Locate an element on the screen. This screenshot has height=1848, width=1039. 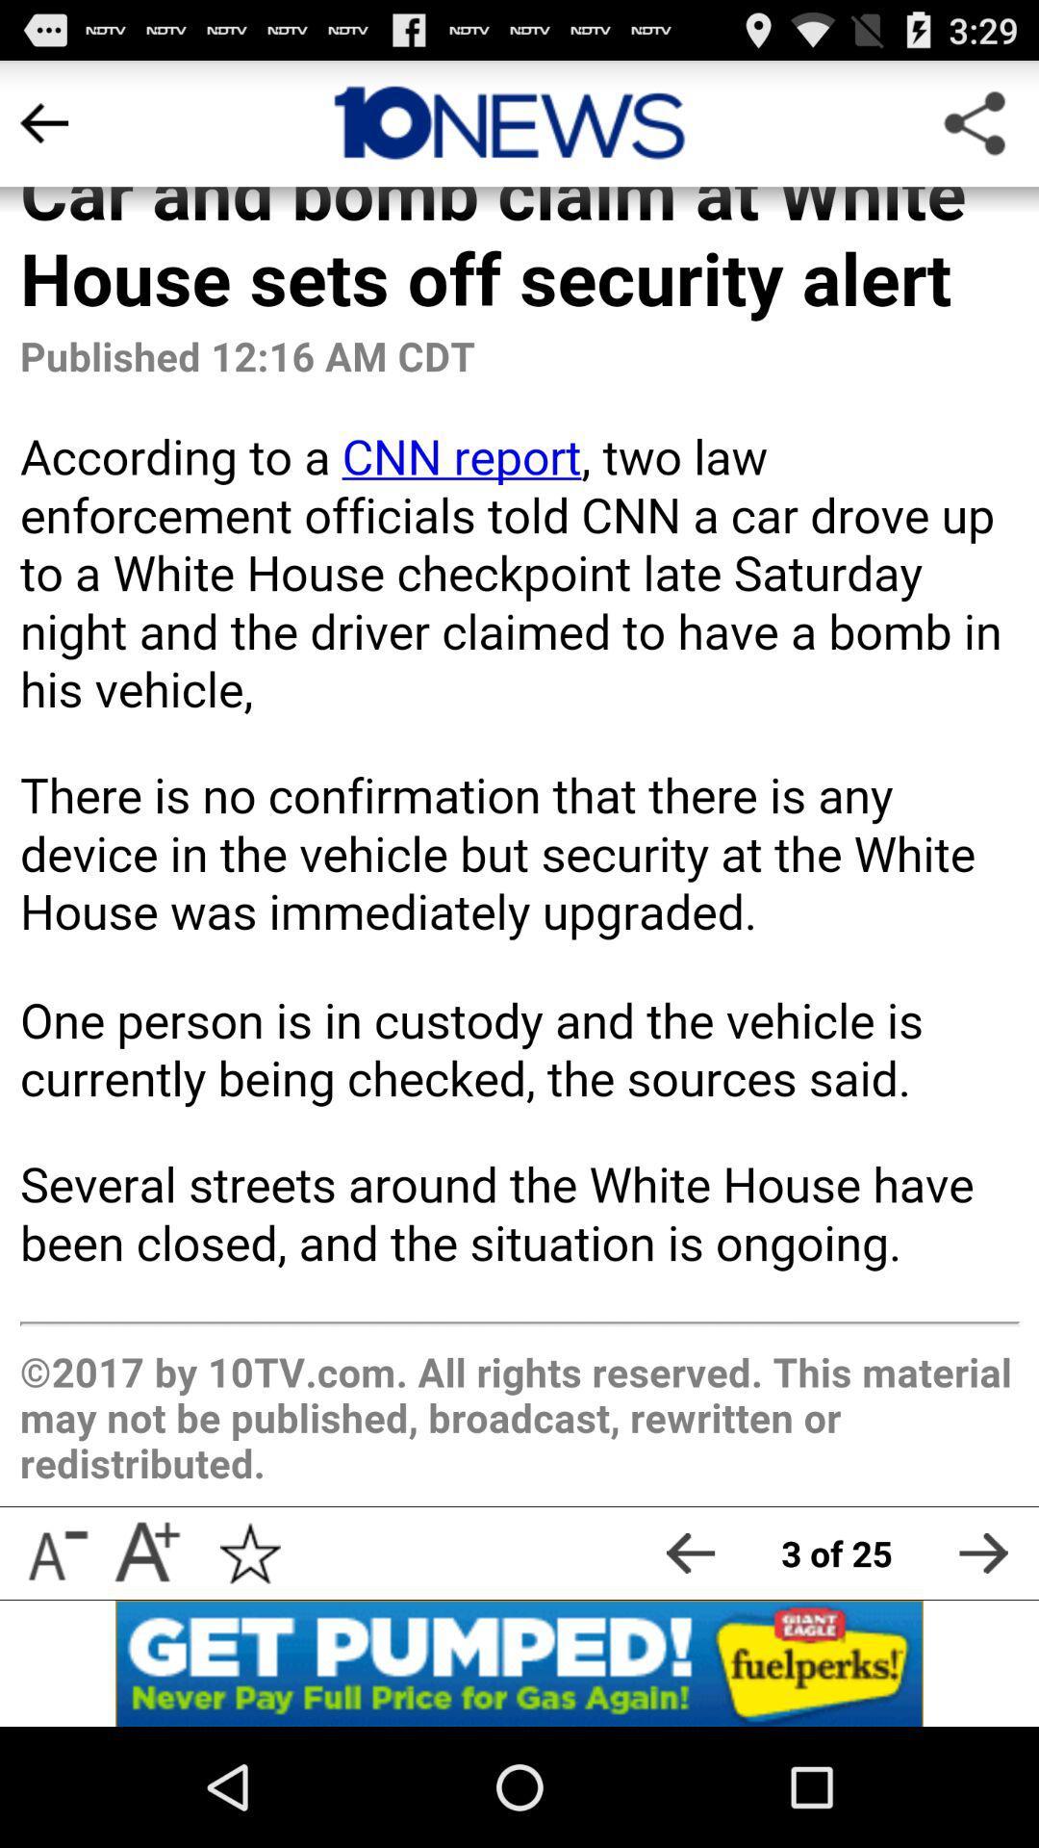
the arrow_backward icon is located at coordinates (689, 1661).